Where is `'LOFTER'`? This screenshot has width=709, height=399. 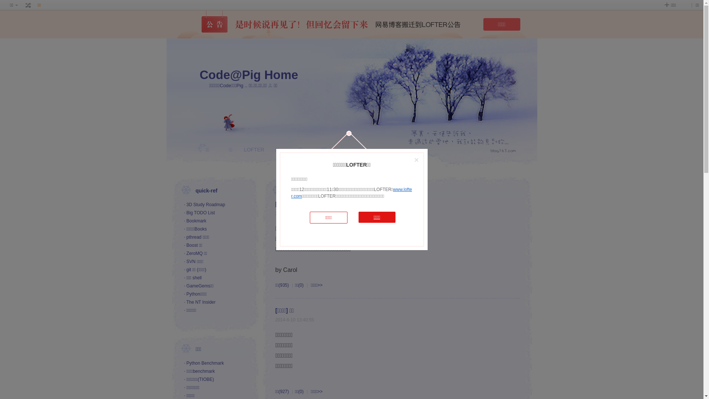
'LOFTER' is located at coordinates (254, 158).